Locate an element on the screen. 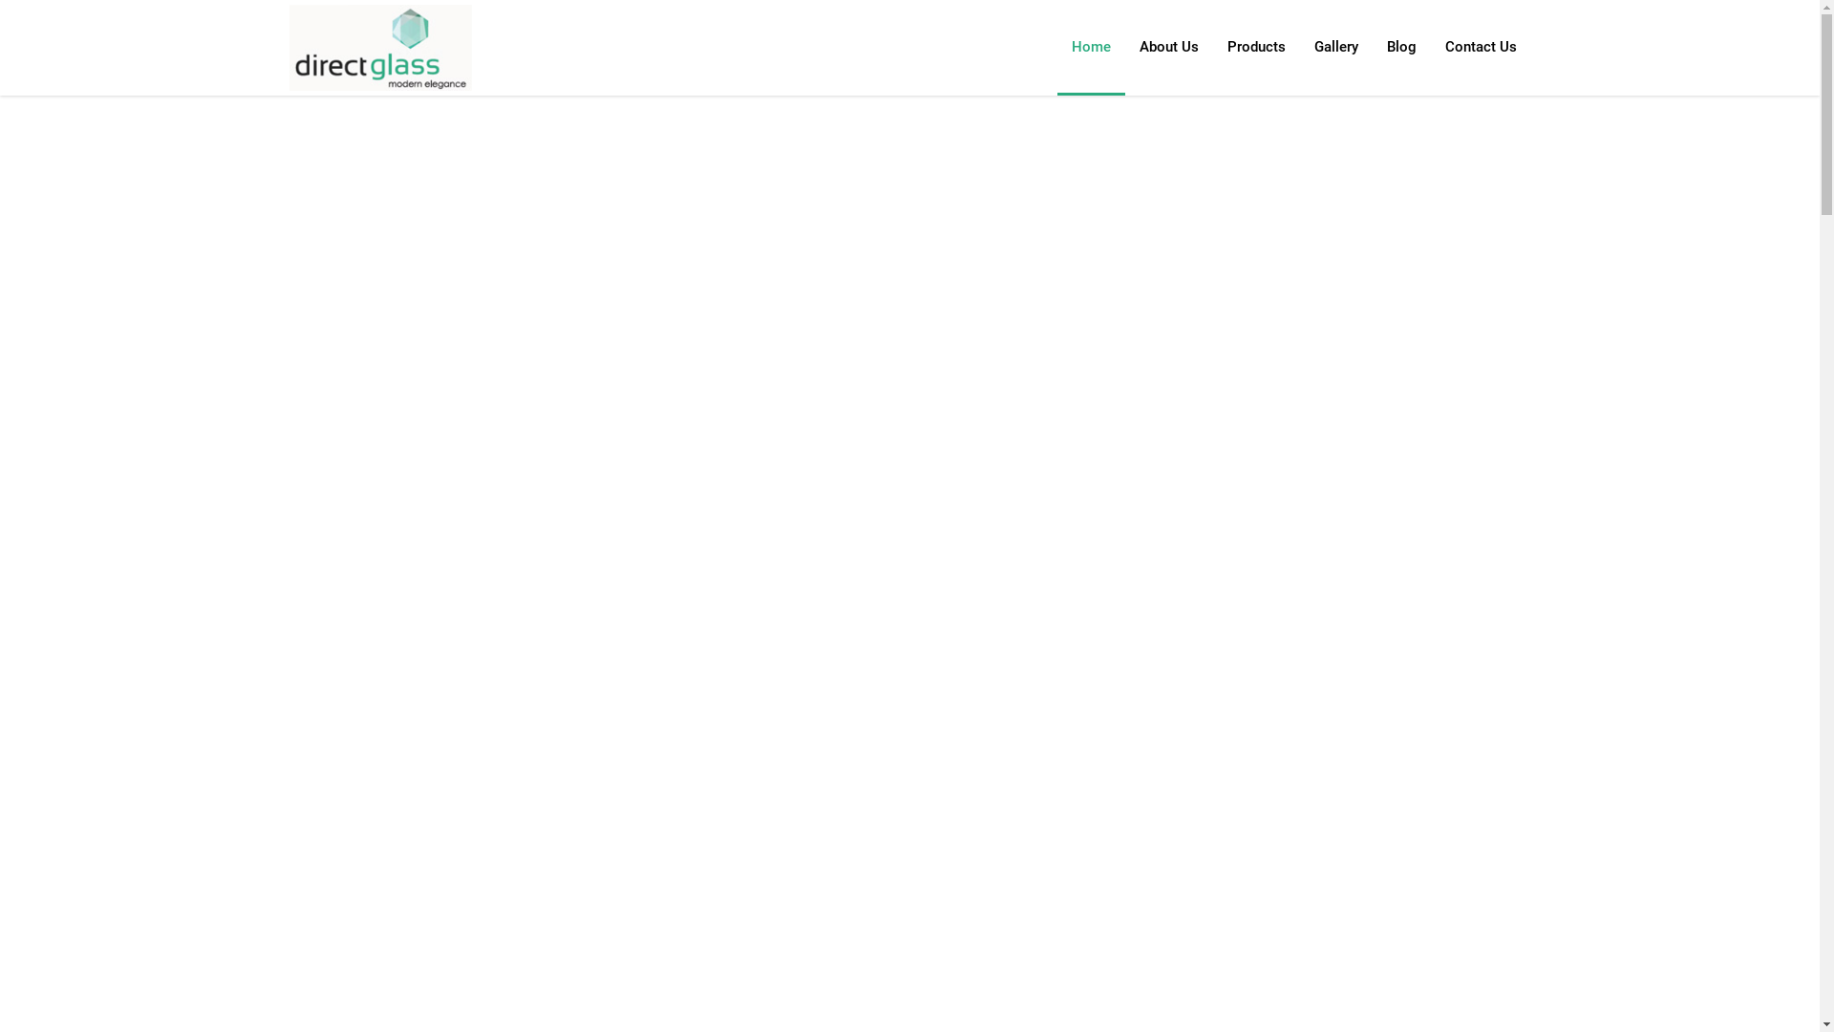 The height and width of the screenshot is (1032, 1834). 'Blog' is located at coordinates (1400, 47).